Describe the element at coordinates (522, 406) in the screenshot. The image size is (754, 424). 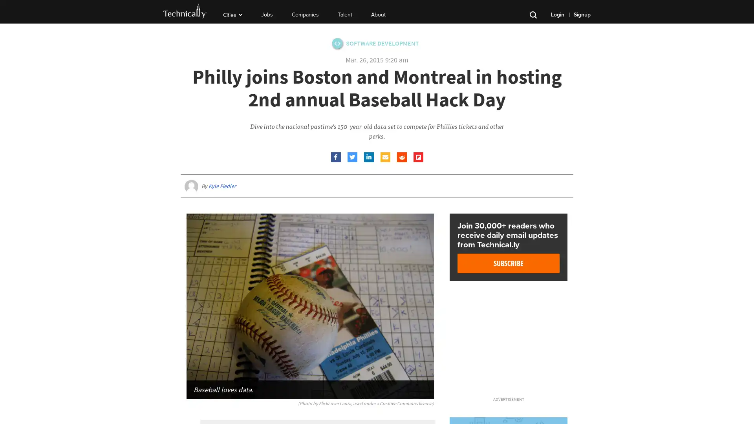
I see `Close` at that location.